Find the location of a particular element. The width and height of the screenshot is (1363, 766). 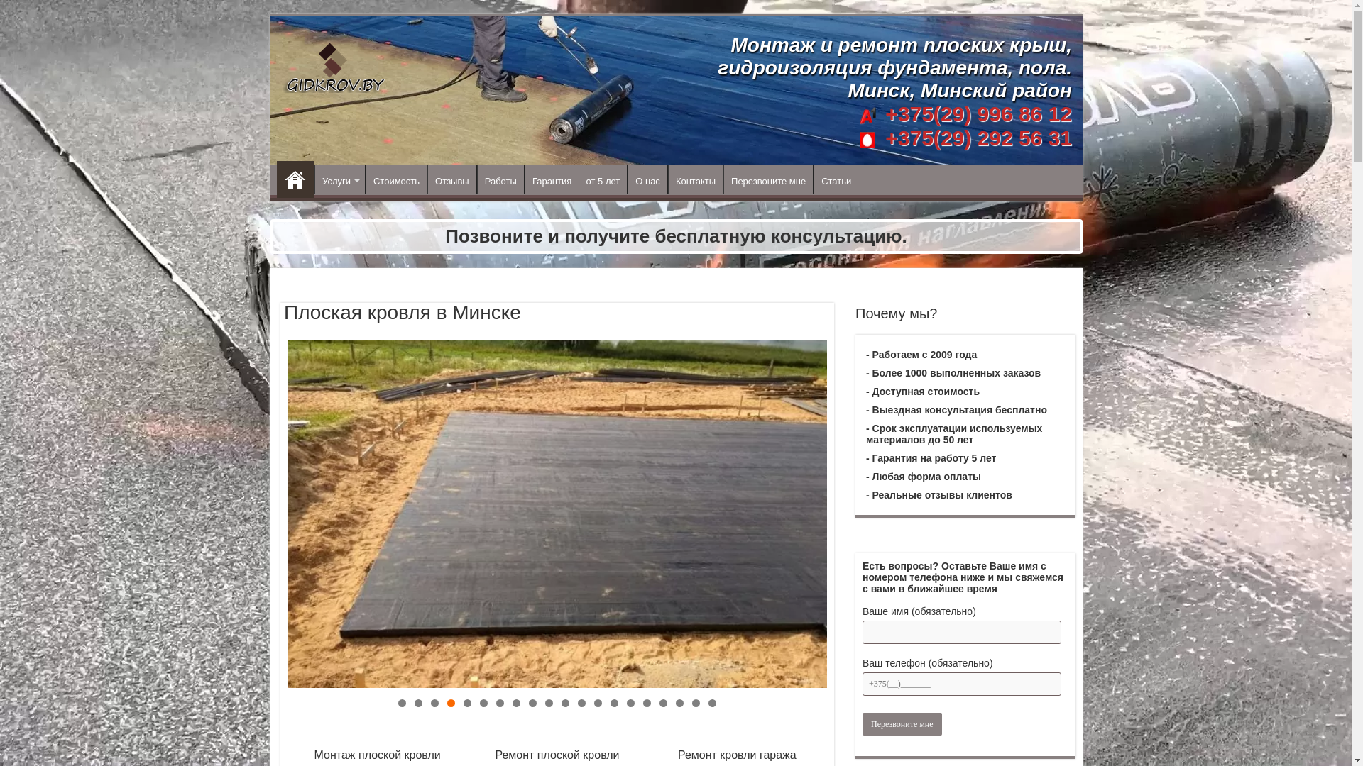

'20' is located at coordinates (712, 703).